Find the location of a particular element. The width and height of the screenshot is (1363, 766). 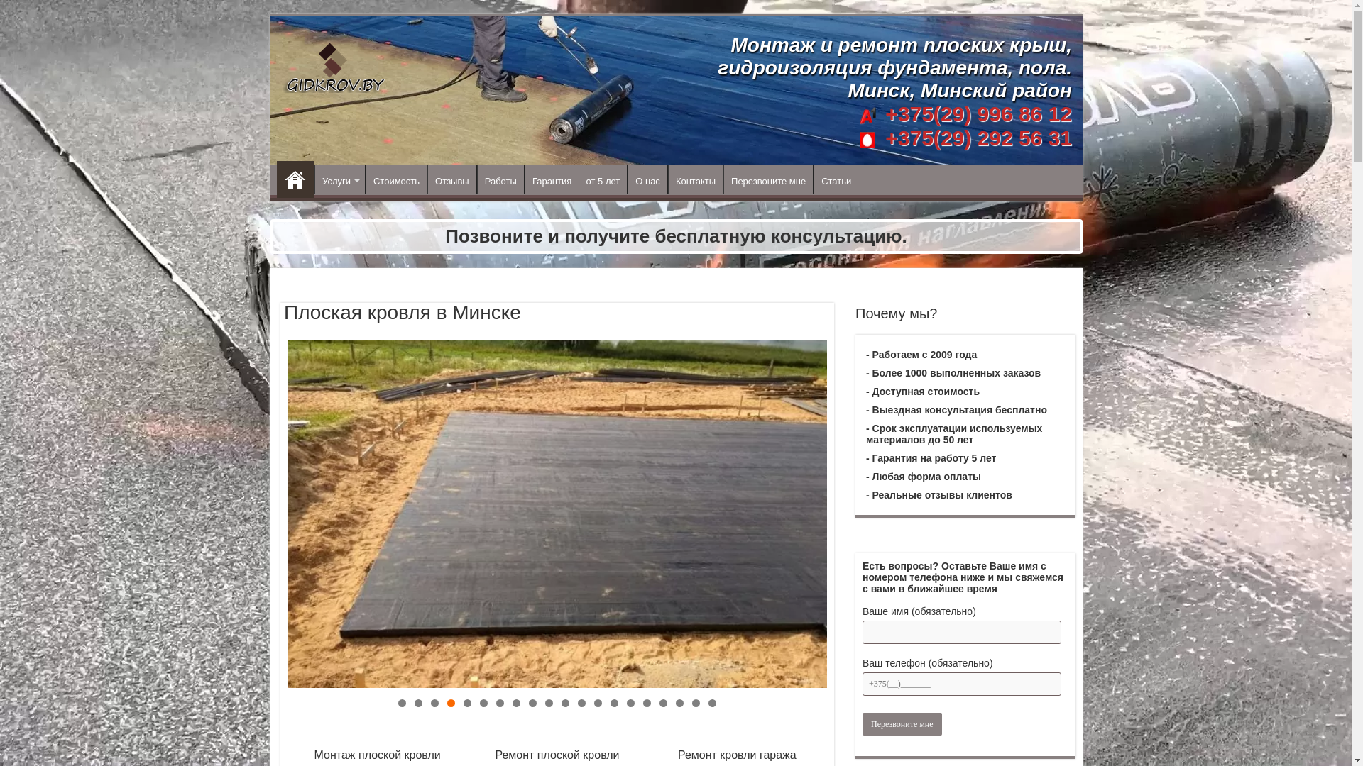

'20' is located at coordinates (712, 703).